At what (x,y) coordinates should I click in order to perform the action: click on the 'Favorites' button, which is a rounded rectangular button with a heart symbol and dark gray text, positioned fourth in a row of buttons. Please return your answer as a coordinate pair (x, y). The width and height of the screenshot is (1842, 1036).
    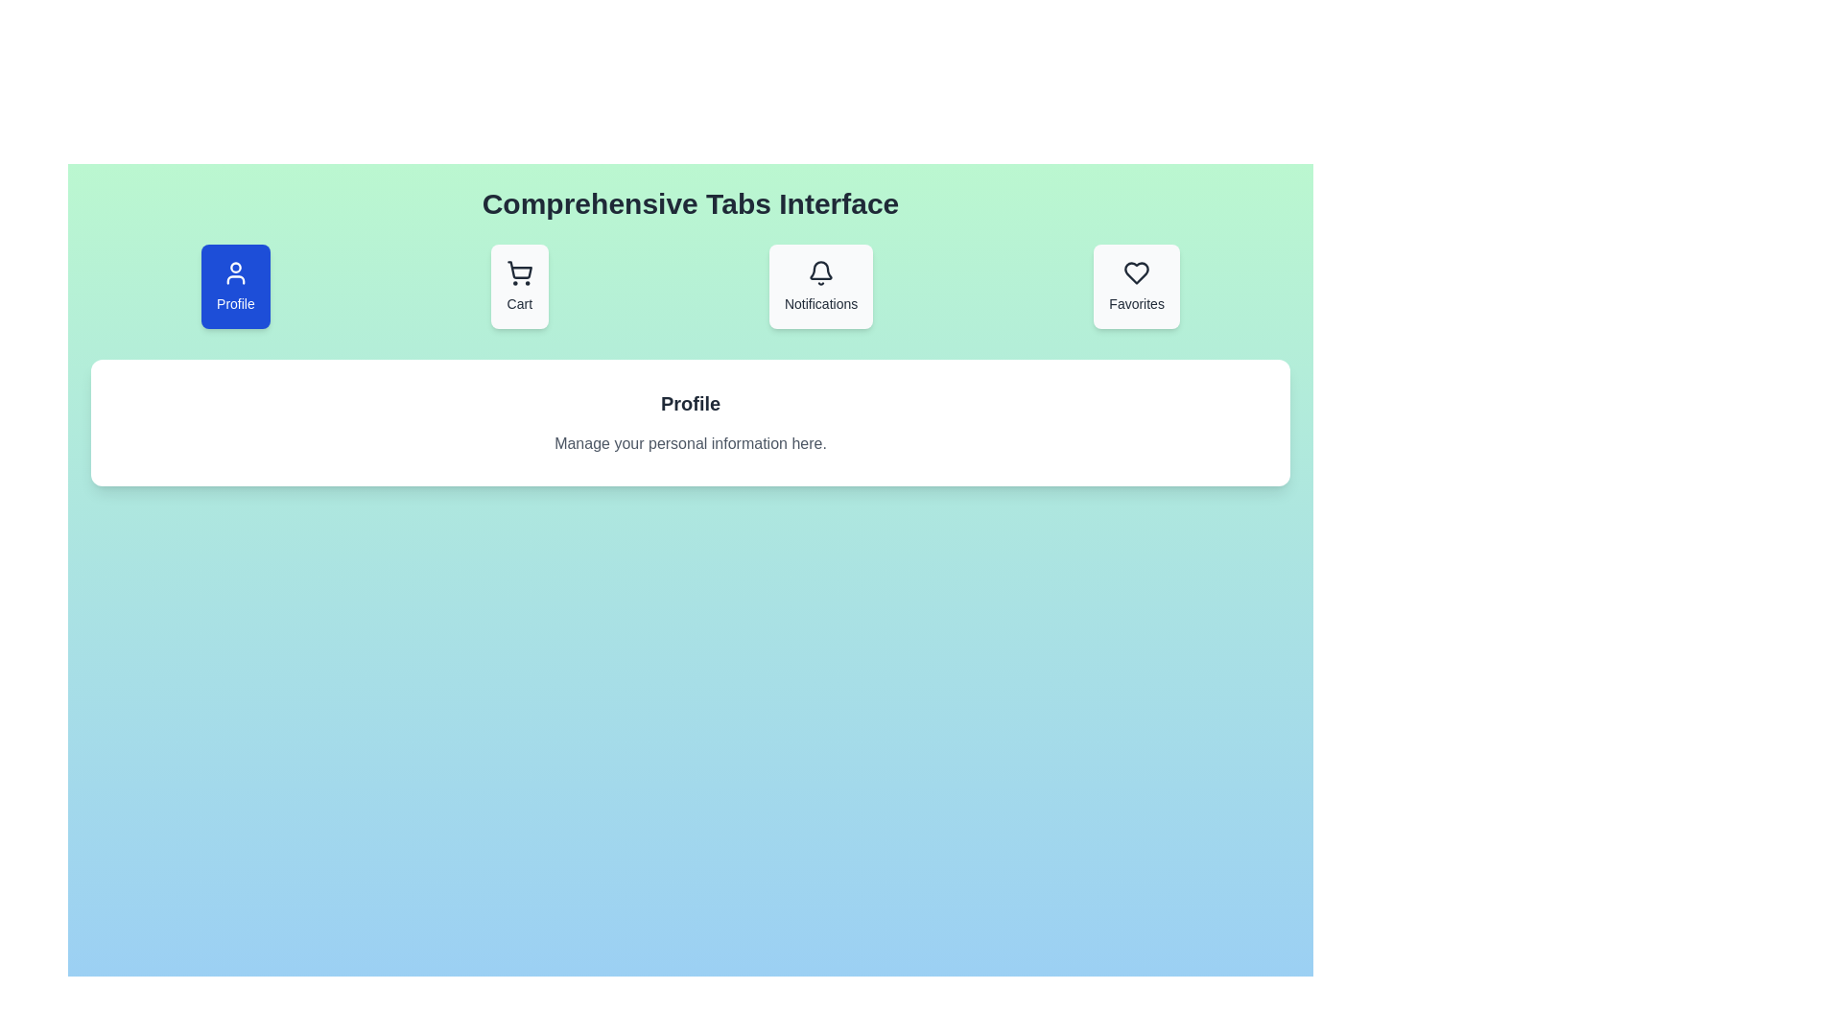
    Looking at the image, I should click on (1137, 287).